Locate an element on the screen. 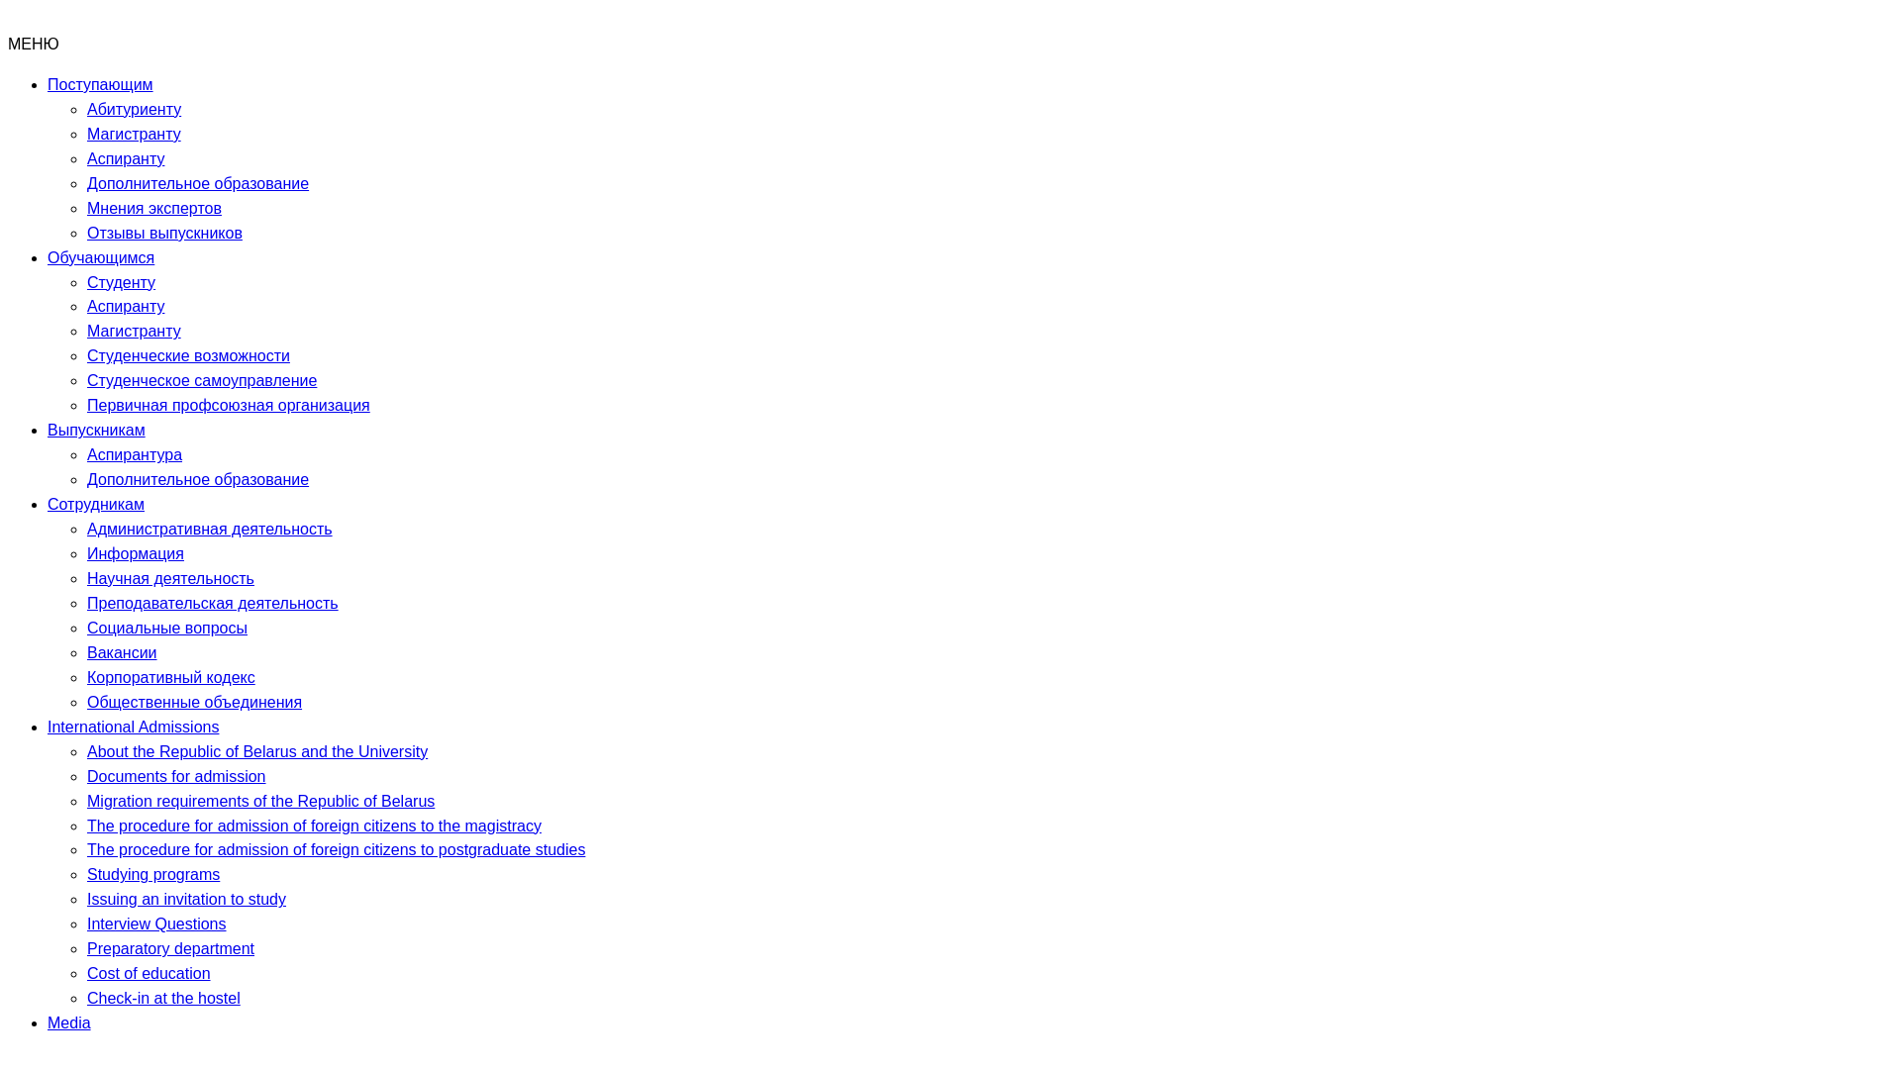 Image resolution: width=1901 pixels, height=1069 pixels. 'Cost of education' is located at coordinates (85, 972).